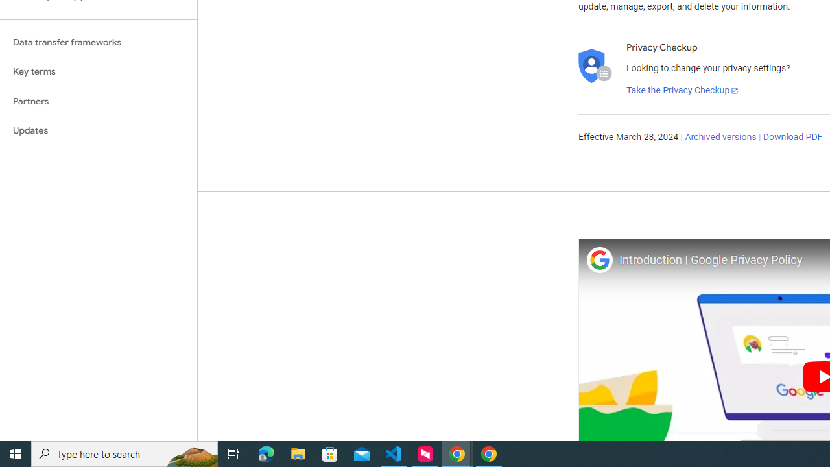  I want to click on 'Take the Privacy Checkup', so click(682, 90).